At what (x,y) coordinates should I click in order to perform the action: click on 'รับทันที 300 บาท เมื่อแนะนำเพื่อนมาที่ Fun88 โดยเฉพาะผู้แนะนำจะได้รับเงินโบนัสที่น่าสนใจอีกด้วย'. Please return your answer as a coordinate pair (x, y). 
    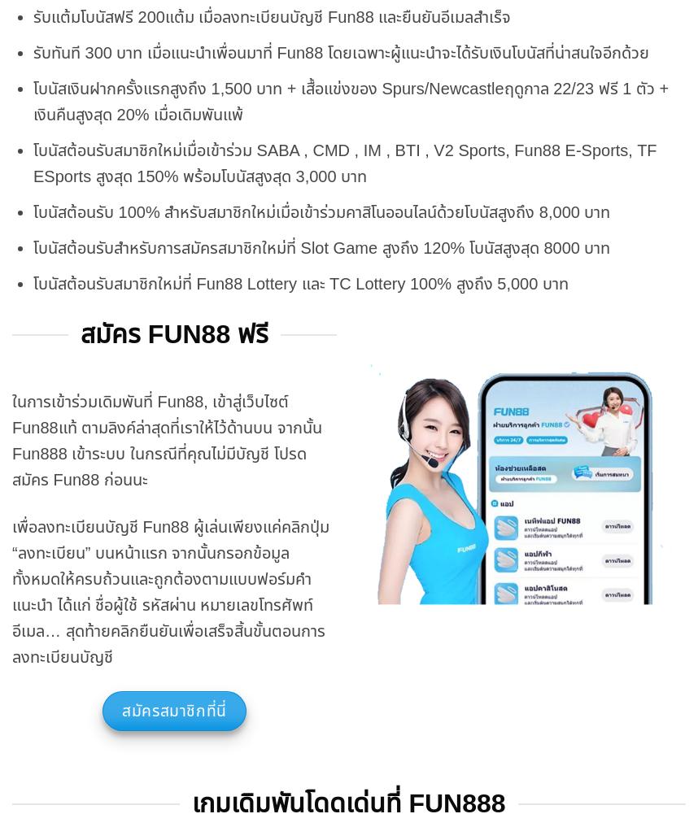
    Looking at the image, I should click on (339, 52).